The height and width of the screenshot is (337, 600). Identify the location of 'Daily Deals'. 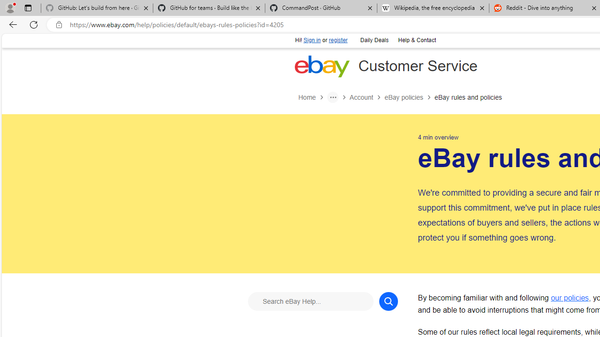
(373, 39).